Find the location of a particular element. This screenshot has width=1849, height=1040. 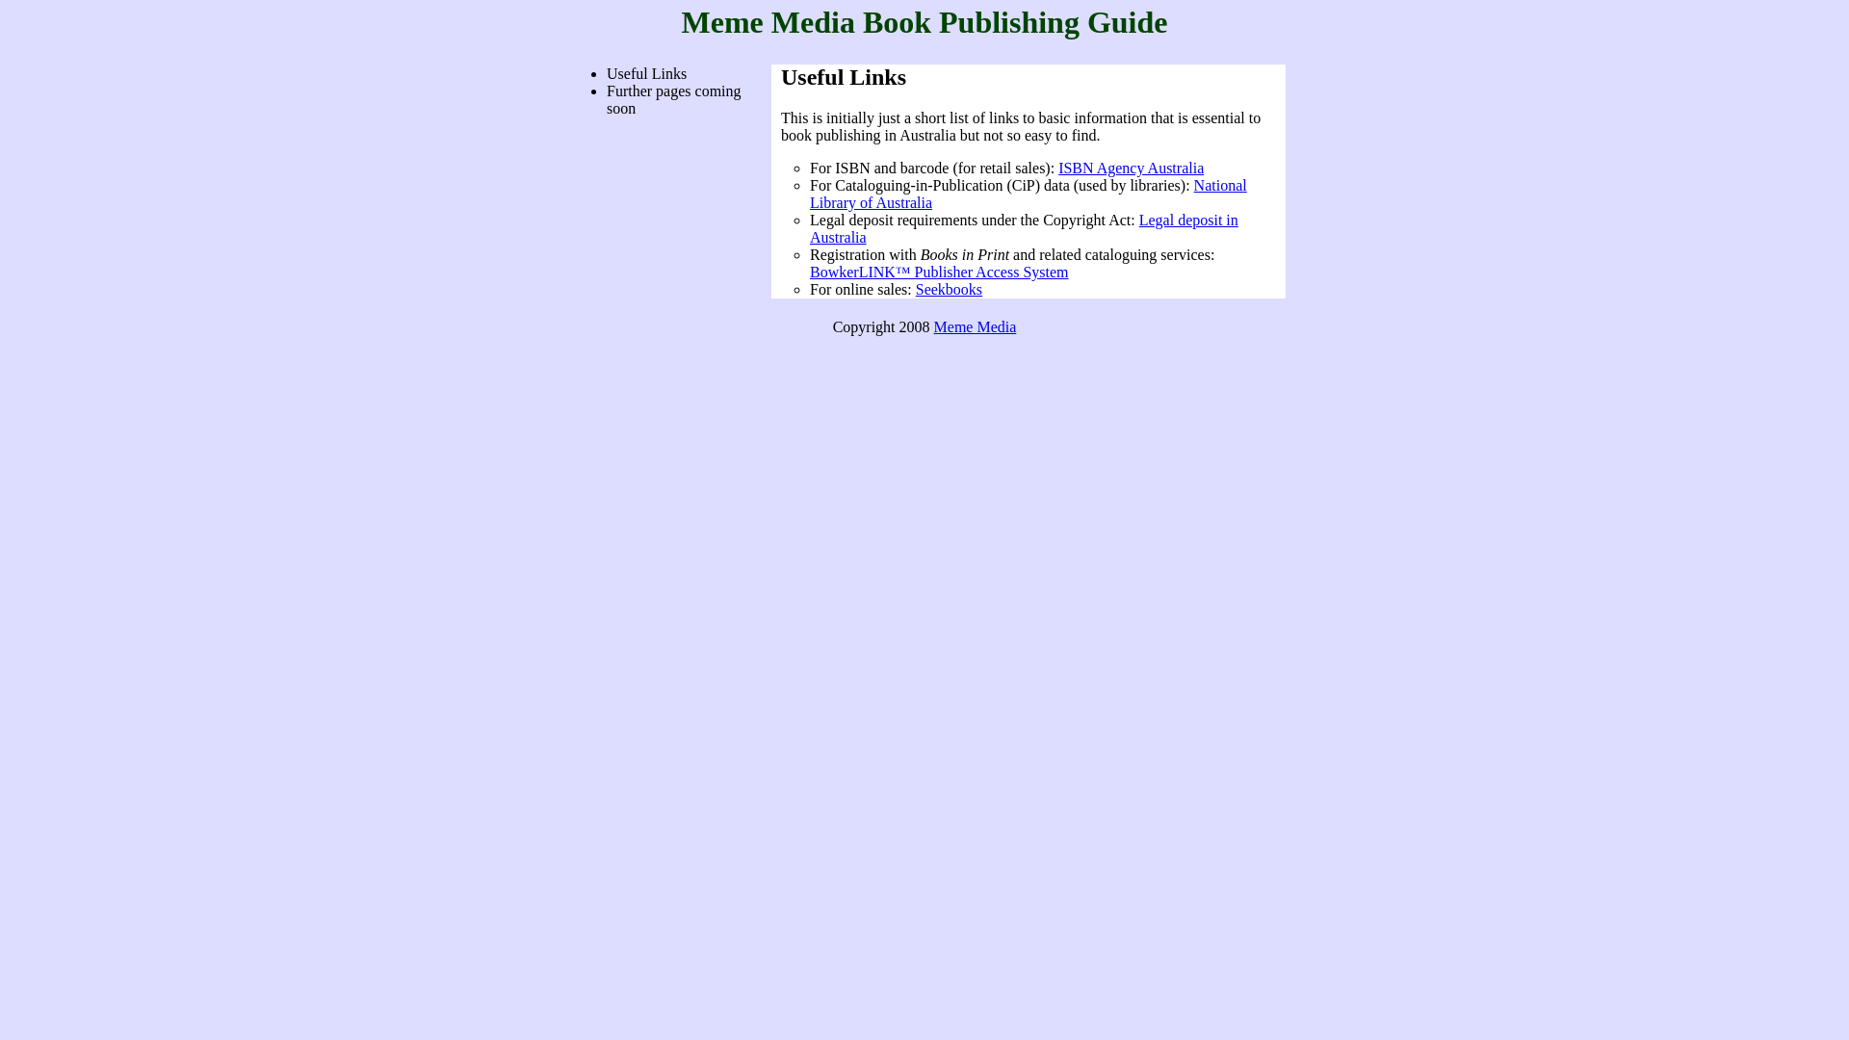

'ISBN Agency Australia' is located at coordinates (1131, 167).